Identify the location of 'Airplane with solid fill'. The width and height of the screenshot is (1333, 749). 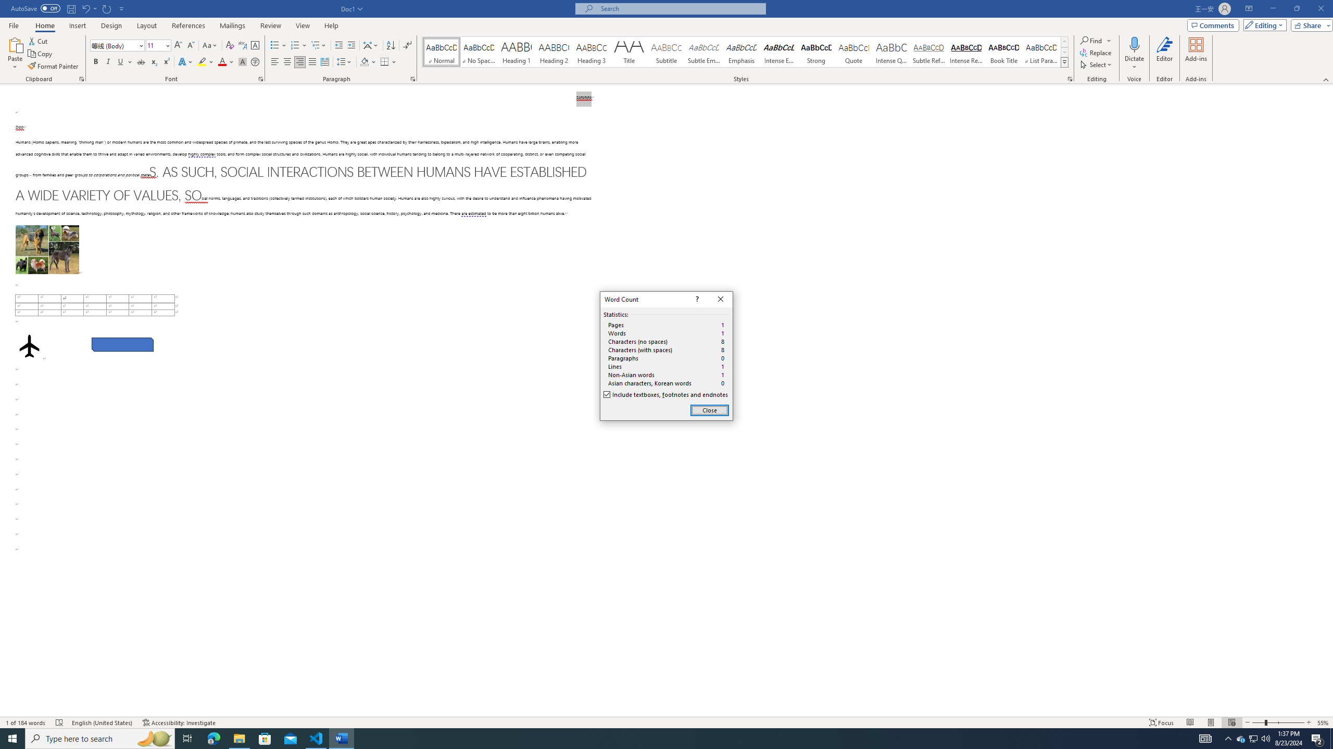
(29, 346).